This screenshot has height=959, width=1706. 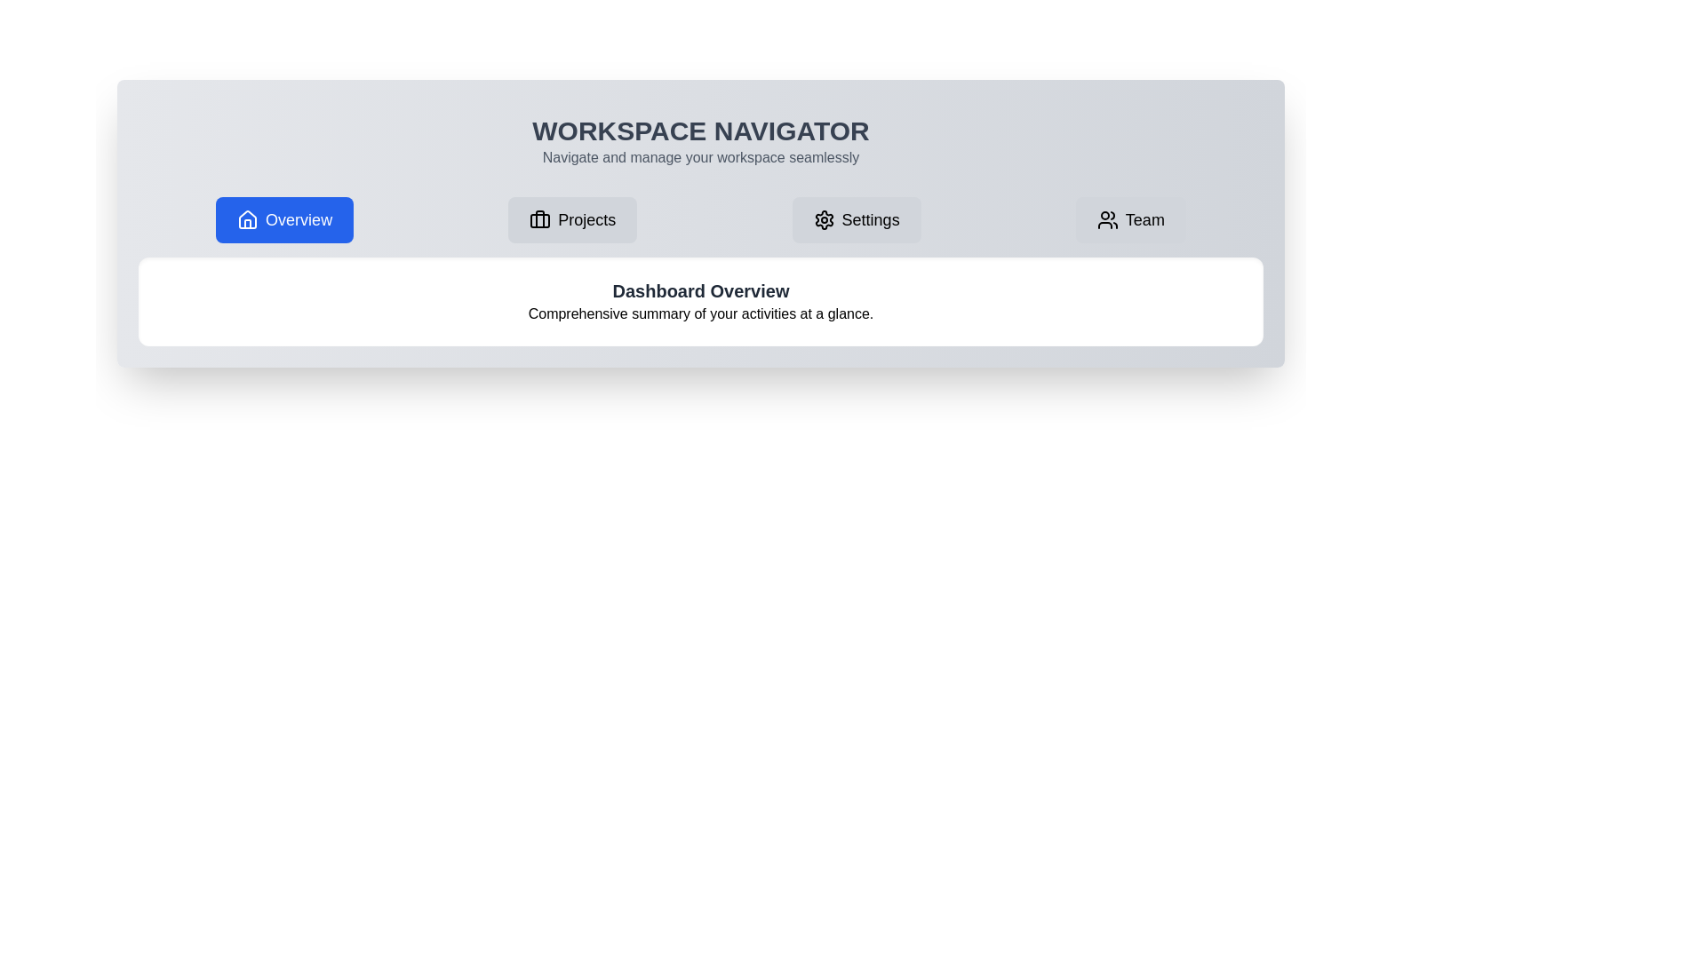 I want to click on the 'Team' text label located in the rightmost button of the top menu bar, so click(x=1144, y=218).